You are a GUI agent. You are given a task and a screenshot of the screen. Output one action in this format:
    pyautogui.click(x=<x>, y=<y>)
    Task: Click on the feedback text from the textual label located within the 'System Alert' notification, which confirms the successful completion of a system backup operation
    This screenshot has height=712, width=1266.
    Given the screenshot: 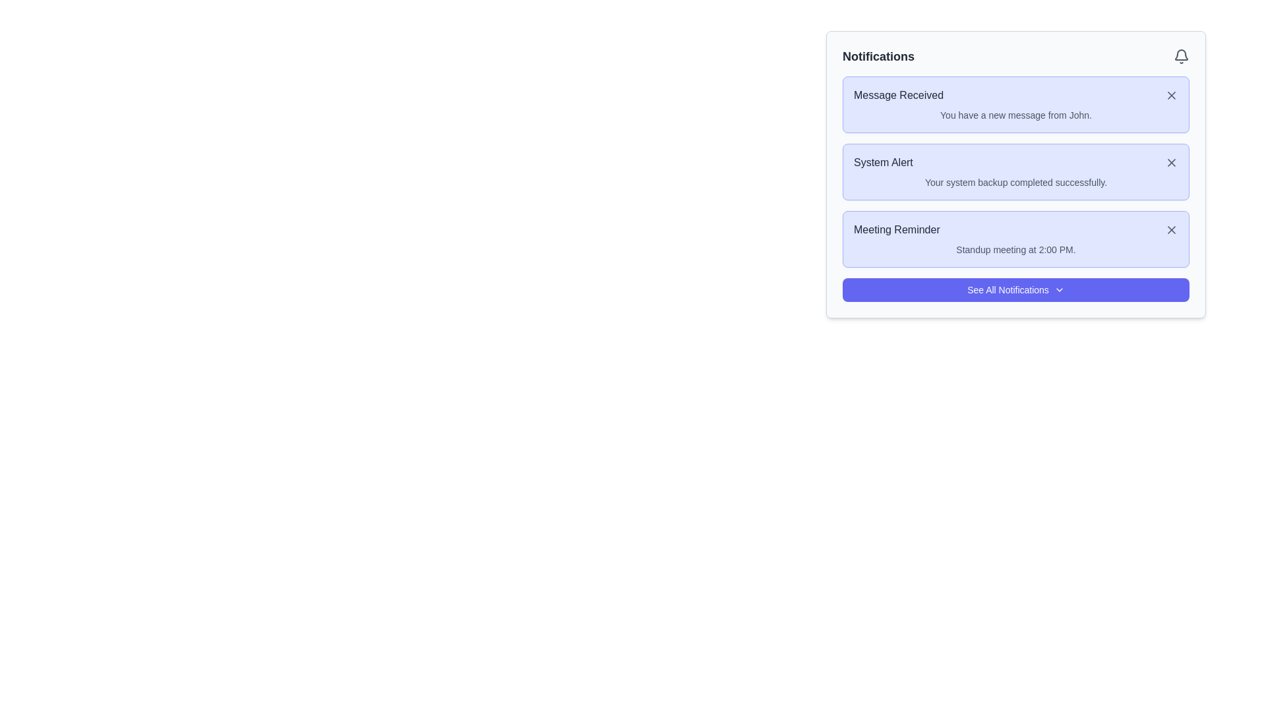 What is the action you would take?
    pyautogui.click(x=1015, y=183)
    